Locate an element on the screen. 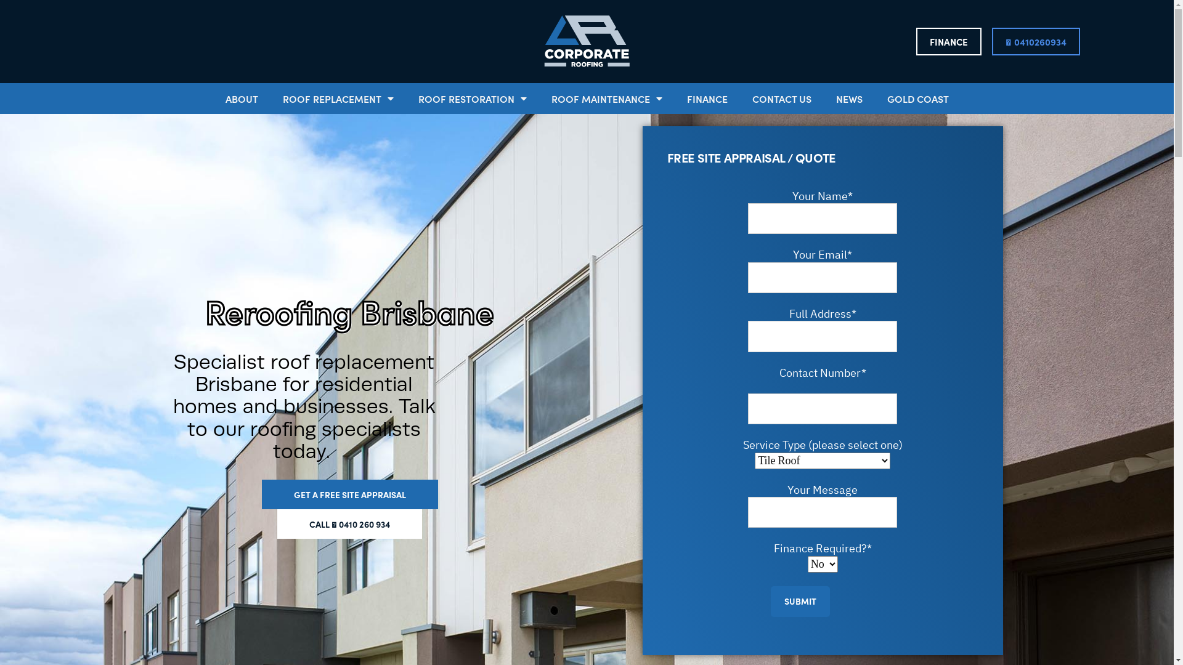 Image resolution: width=1183 pixels, height=665 pixels. 'ABOUT' is located at coordinates (242, 97).